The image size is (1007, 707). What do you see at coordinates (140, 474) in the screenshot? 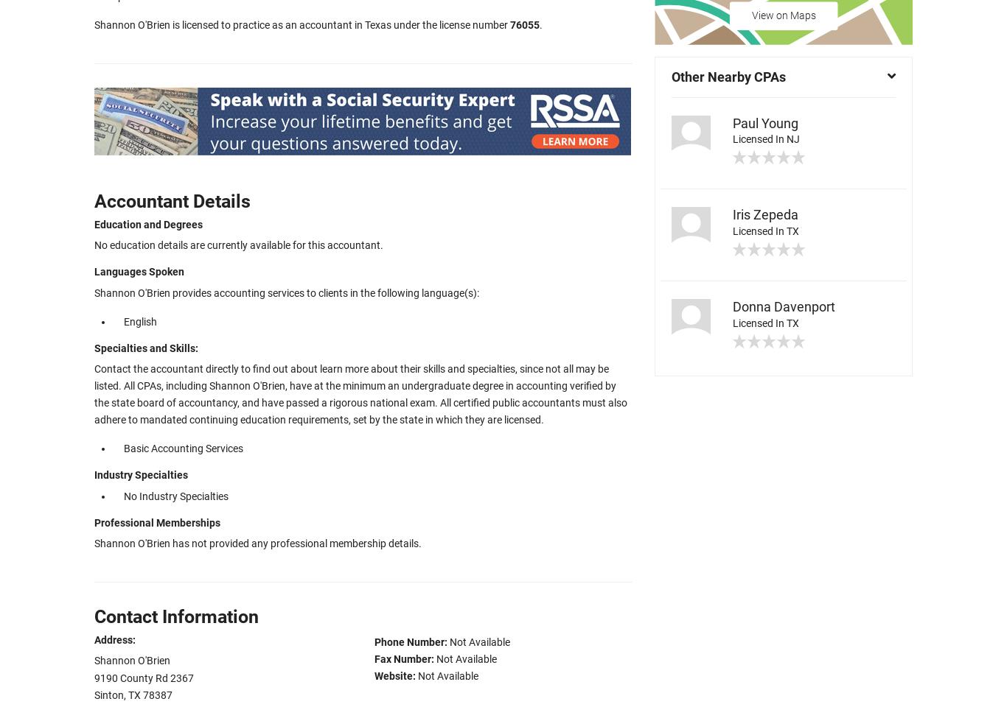
I see `'Industry Specialties'` at bounding box center [140, 474].